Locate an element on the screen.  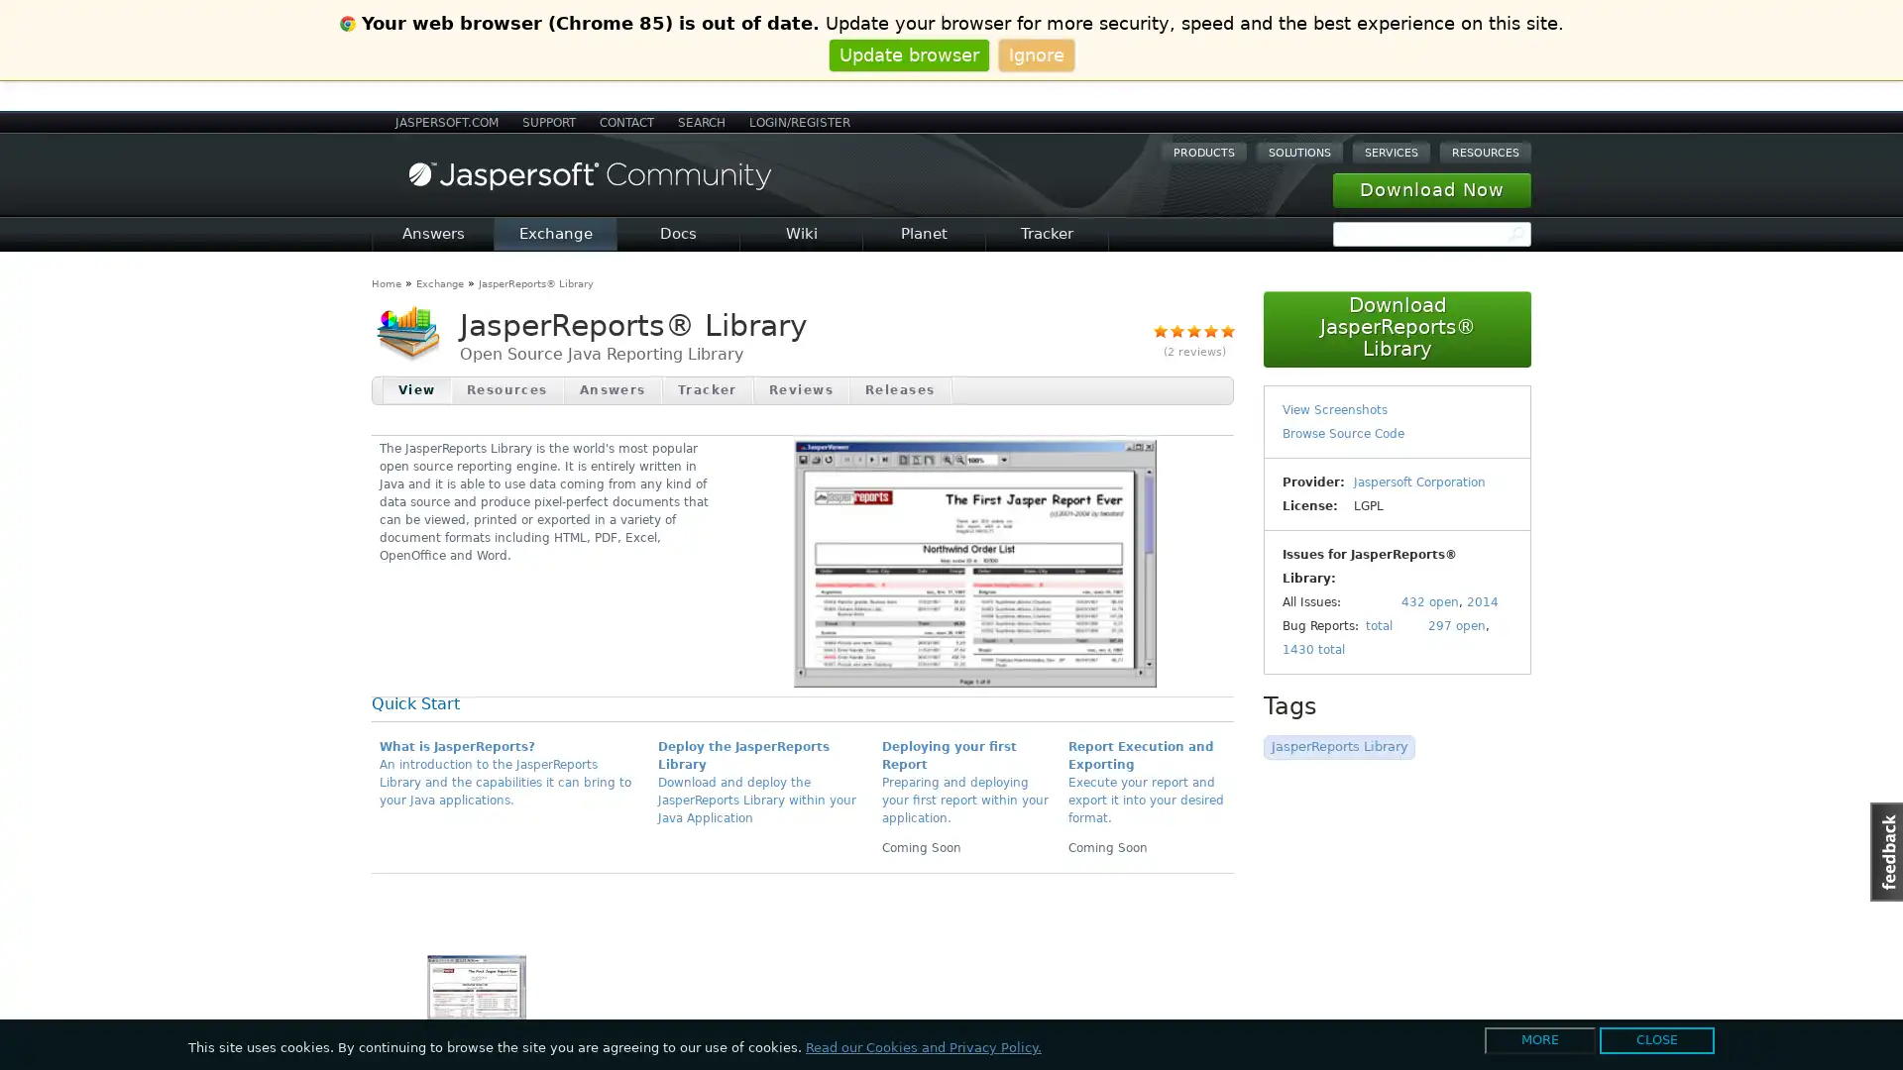
Search is located at coordinates (1516, 233).